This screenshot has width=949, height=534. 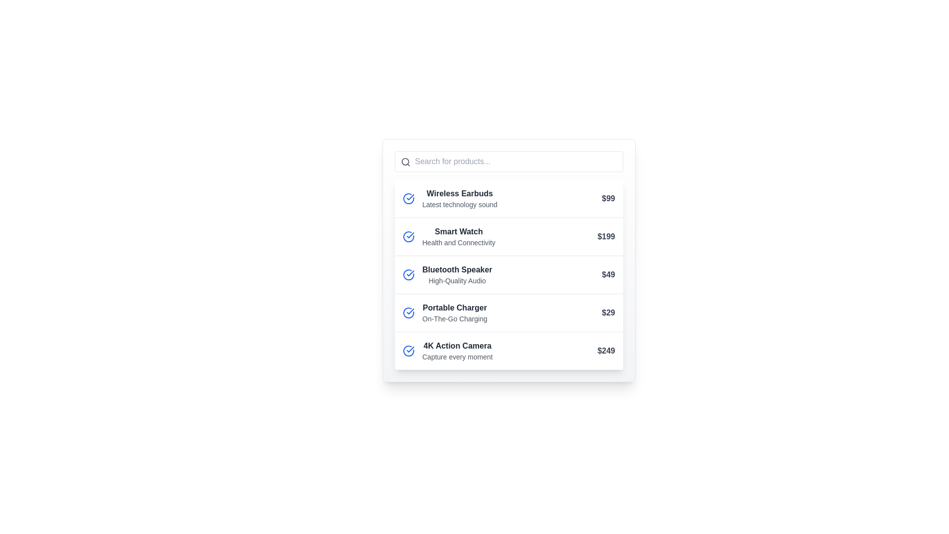 What do you see at coordinates (608, 312) in the screenshot?
I see `the price label displaying '$29' that is aligned to the right of the 'Portable Charger' entry in the product list` at bounding box center [608, 312].